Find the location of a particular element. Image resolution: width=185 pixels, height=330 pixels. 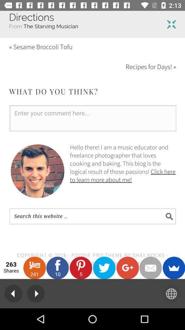

the arrow_backward icon is located at coordinates (13, 293).